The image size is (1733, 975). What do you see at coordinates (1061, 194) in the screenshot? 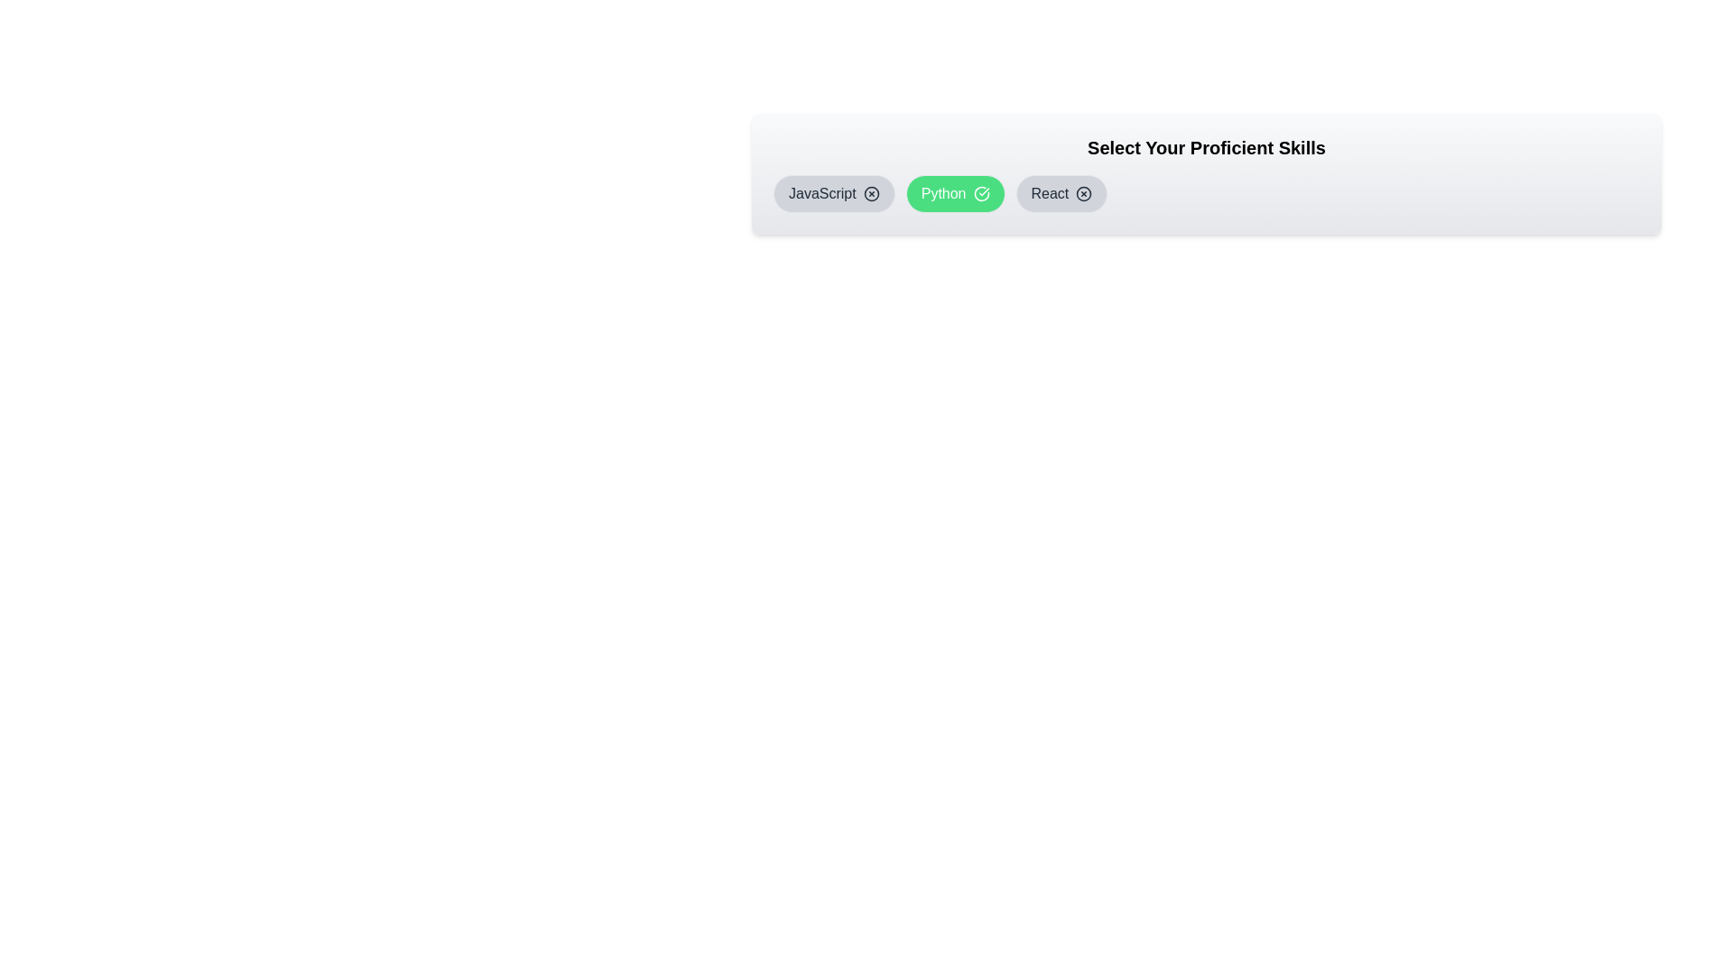
I see `the skill React` at bounding box center [1061, 194].